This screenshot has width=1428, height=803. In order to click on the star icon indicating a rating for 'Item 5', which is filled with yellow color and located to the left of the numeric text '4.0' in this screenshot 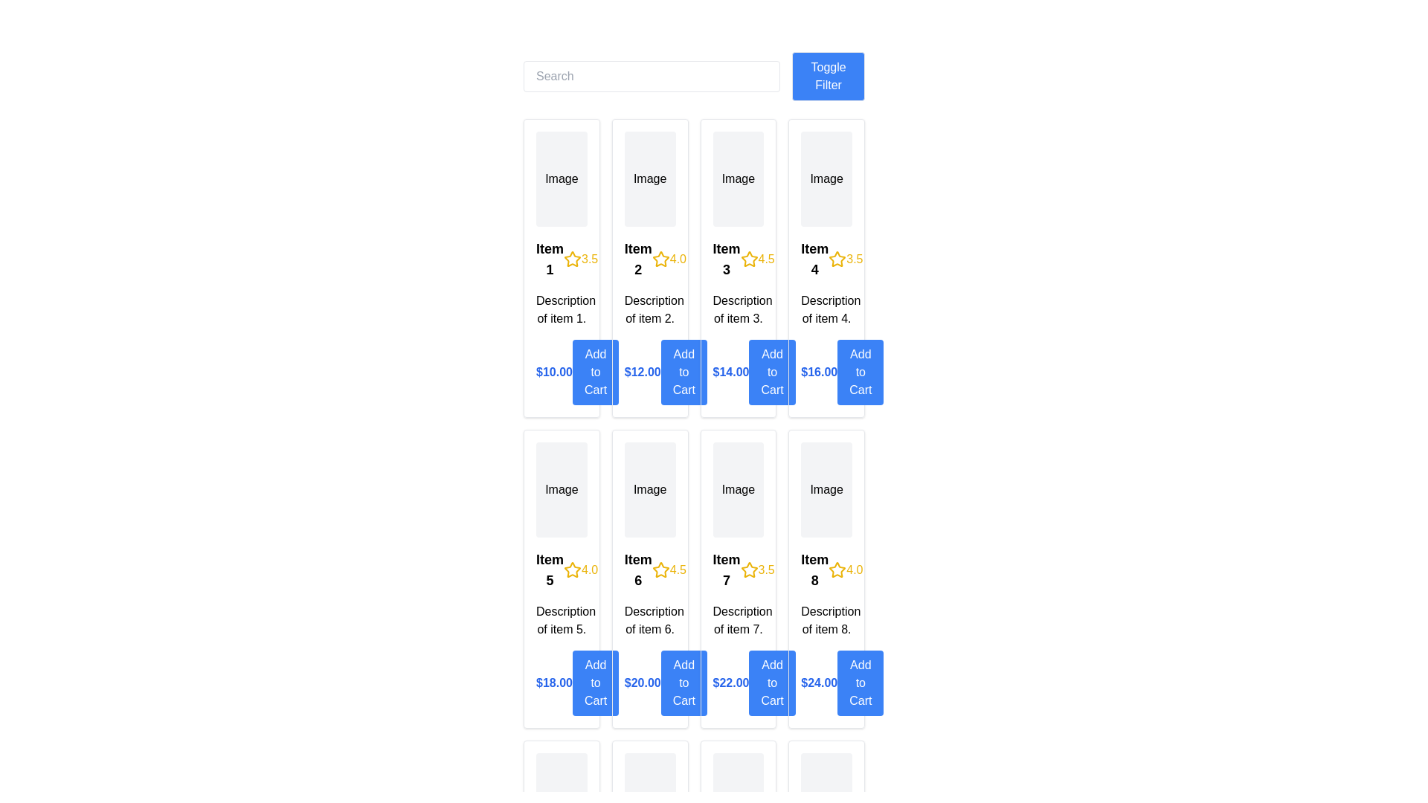, I will do `click(572, 570)`.